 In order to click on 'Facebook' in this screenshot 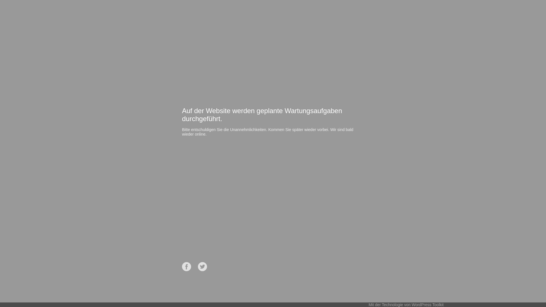, I will do `click(187, 266)`.